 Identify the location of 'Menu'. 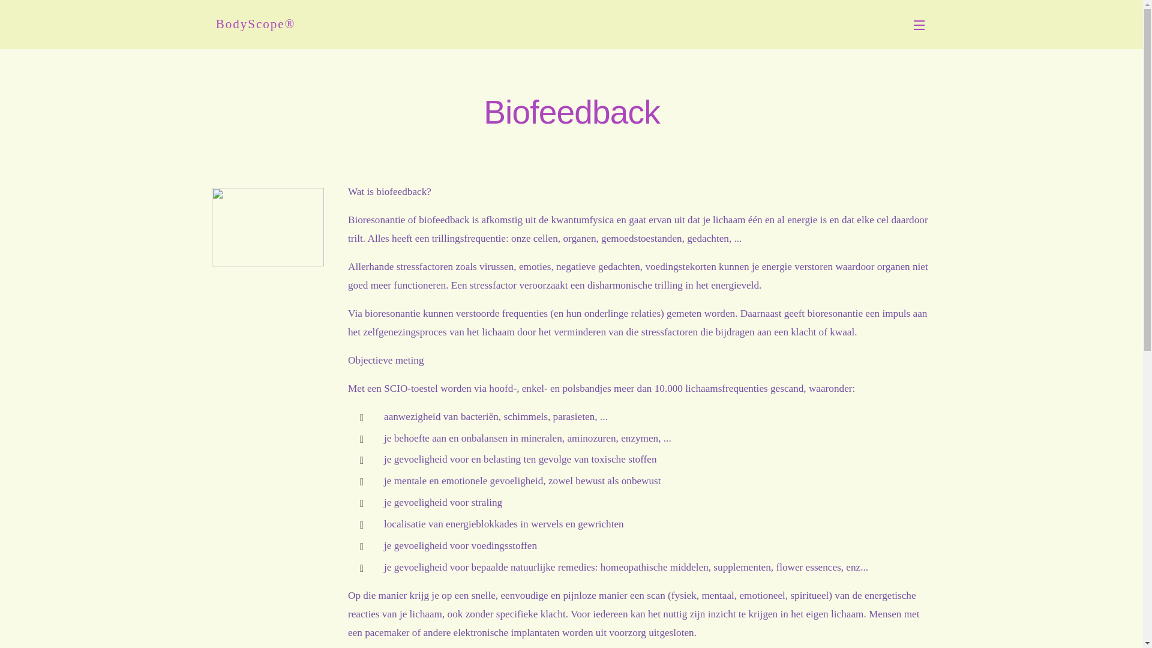
(921, 25).